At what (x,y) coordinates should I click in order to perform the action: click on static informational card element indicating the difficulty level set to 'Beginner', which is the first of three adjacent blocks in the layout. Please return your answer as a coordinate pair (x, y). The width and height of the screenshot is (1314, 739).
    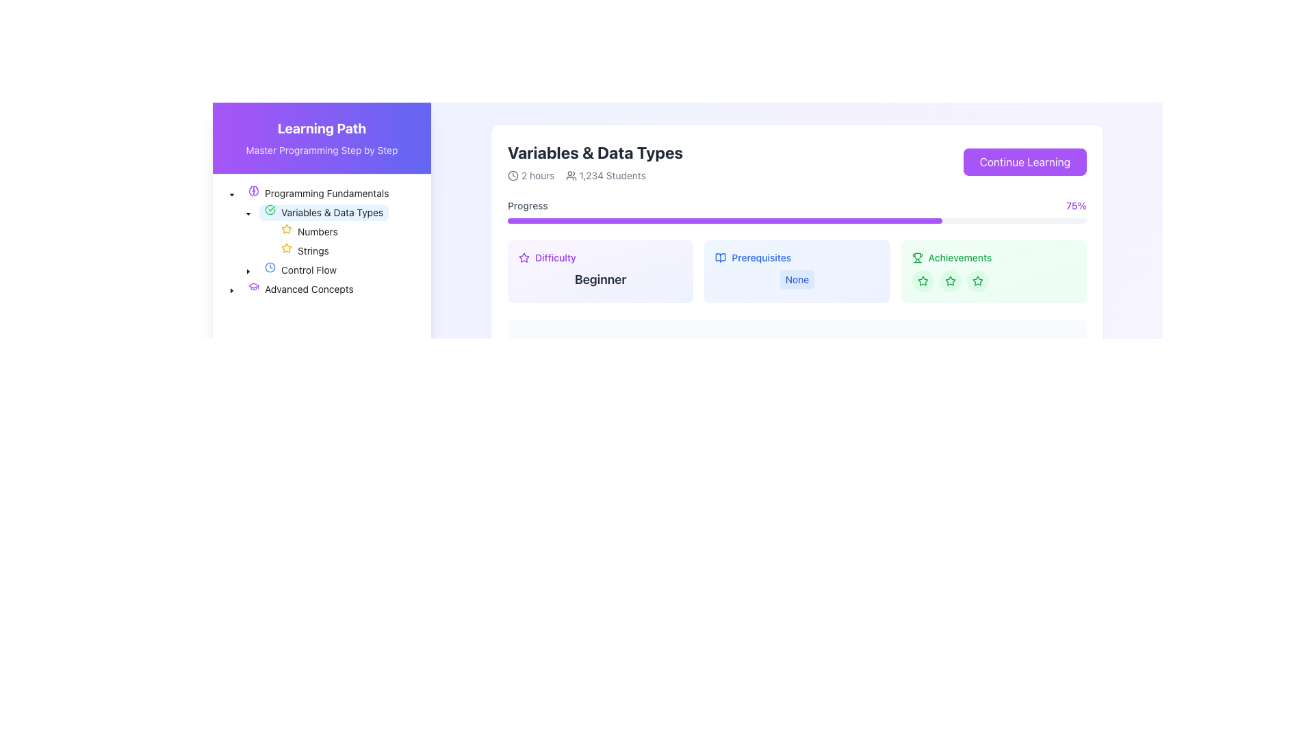
    Looking at the image, I should click on (600, 272).